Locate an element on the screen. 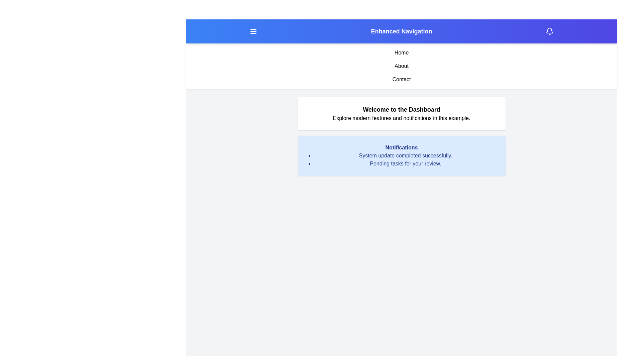  the header text labeled 'Enhanced Navigation' is located at coordinates (401, 31).